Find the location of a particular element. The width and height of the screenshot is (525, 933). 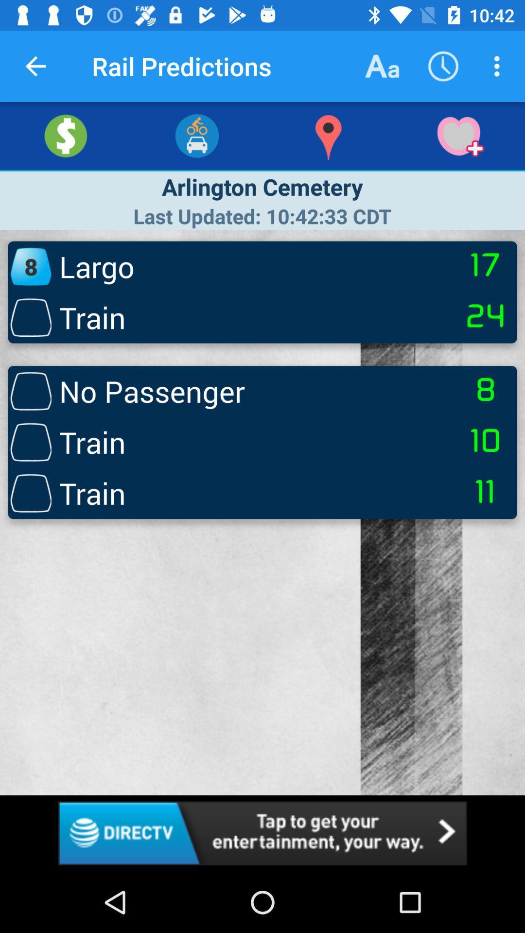

to favourites is located at coordinates (459, 135).